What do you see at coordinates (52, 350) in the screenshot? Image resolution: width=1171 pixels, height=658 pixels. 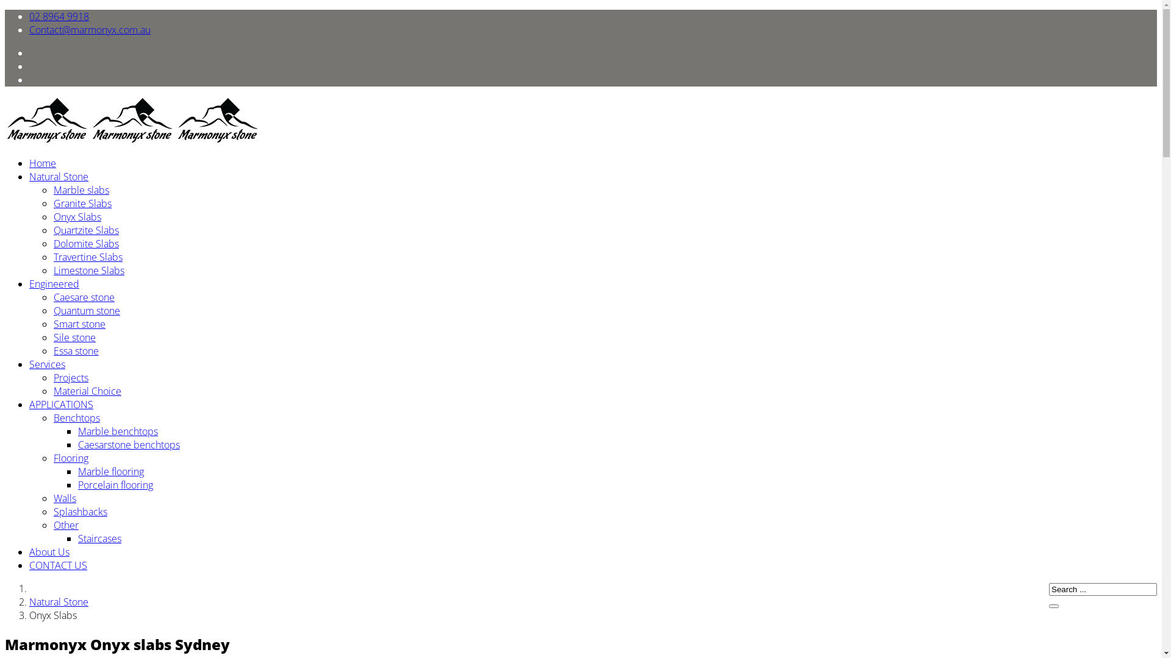 I see `'Essa stone'` at bounding box center [52, 350].